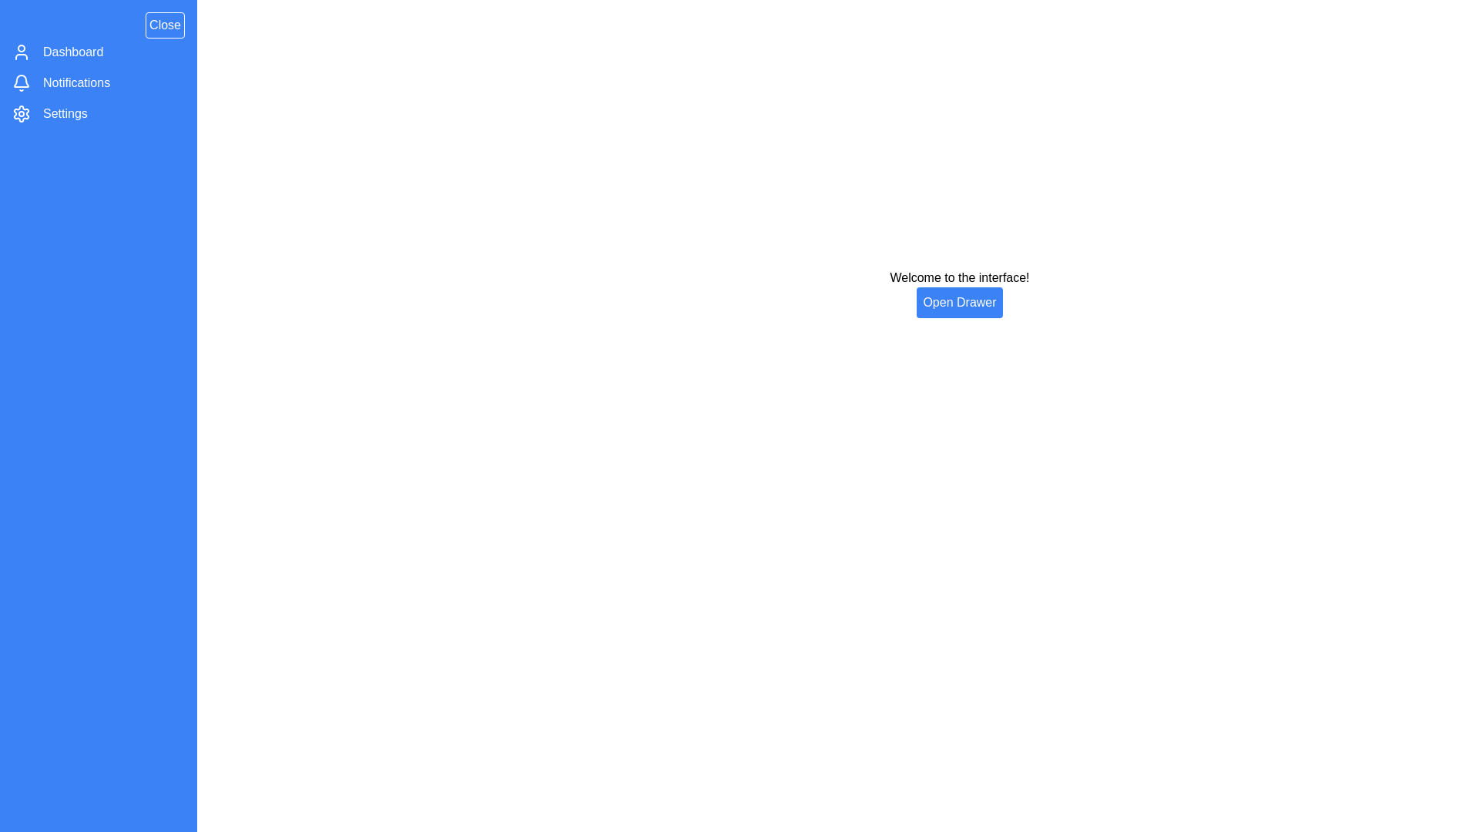  Describe the element at coordinates (75, 83) in the screenshot. I see `the menu item labeled Notifications within the drawer` at that location.